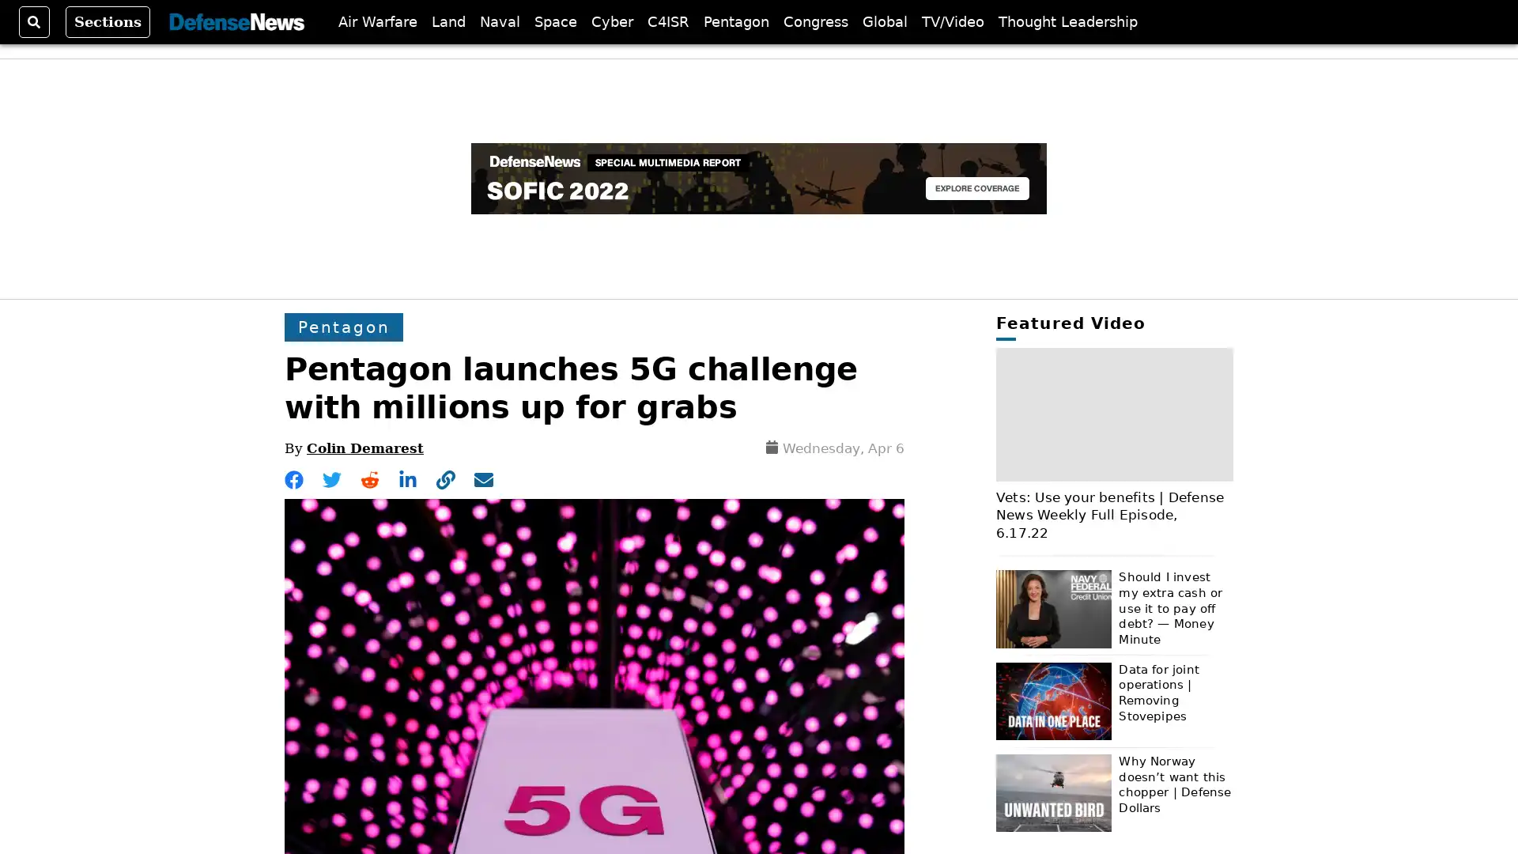 The height and width of the screenshot is (854, 1518). What do you see at coordinates (331, 478) in the screenshot?
I see `twitter` at bounding box center [331, 478].